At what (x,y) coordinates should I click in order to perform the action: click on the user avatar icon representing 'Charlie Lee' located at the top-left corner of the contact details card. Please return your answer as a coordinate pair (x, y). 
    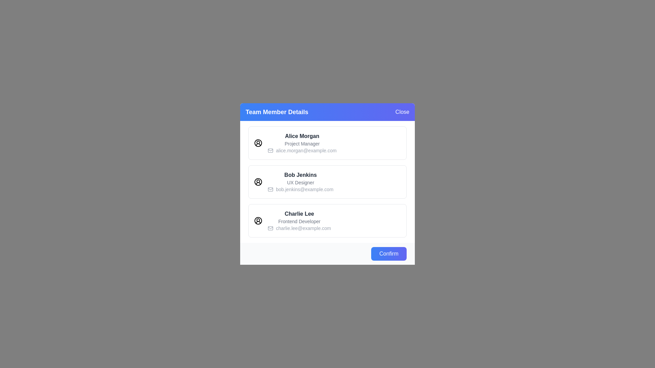
    Looking at the image, I should click on (258, 221).